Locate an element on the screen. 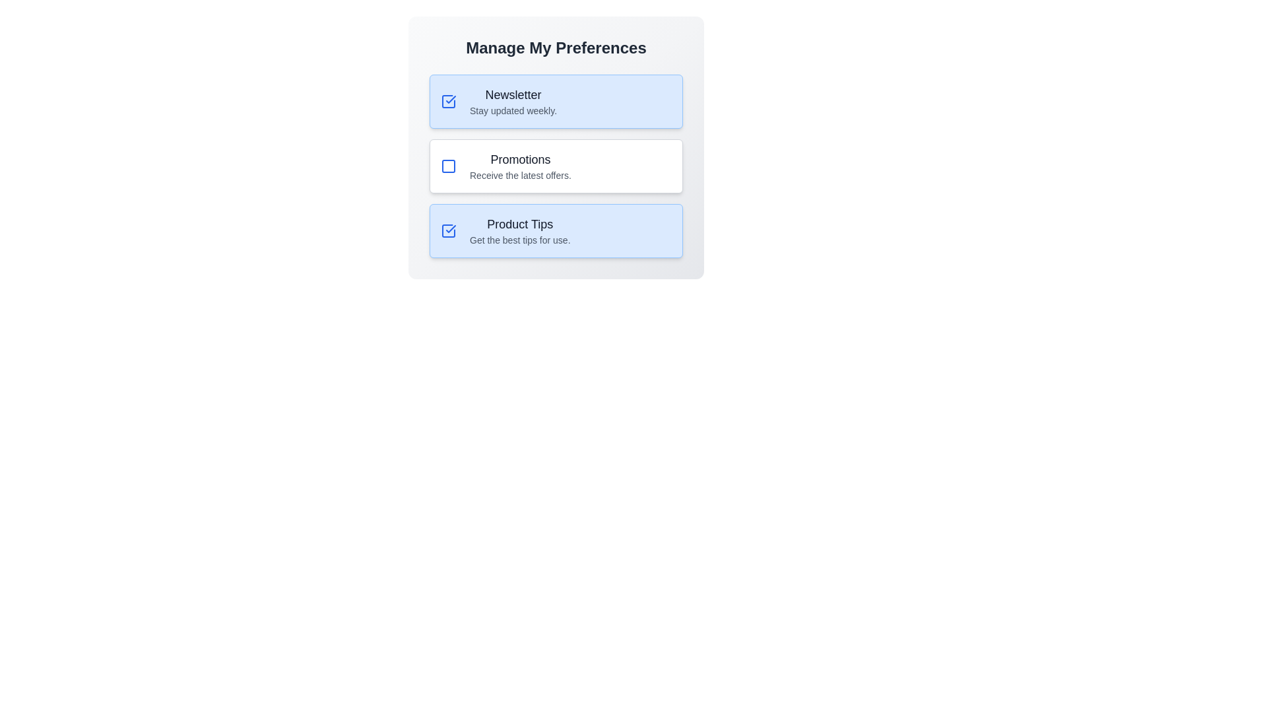  the Checked checkbox icon that indicates the selection of the 'Product Tips' option, located on the left side of the third option in the list is located at coordinates (449, 230).